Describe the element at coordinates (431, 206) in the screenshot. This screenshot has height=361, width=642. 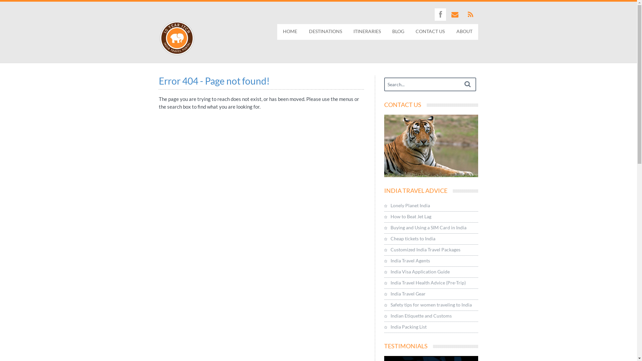
I see `'Lonely Planet India'` at that location.